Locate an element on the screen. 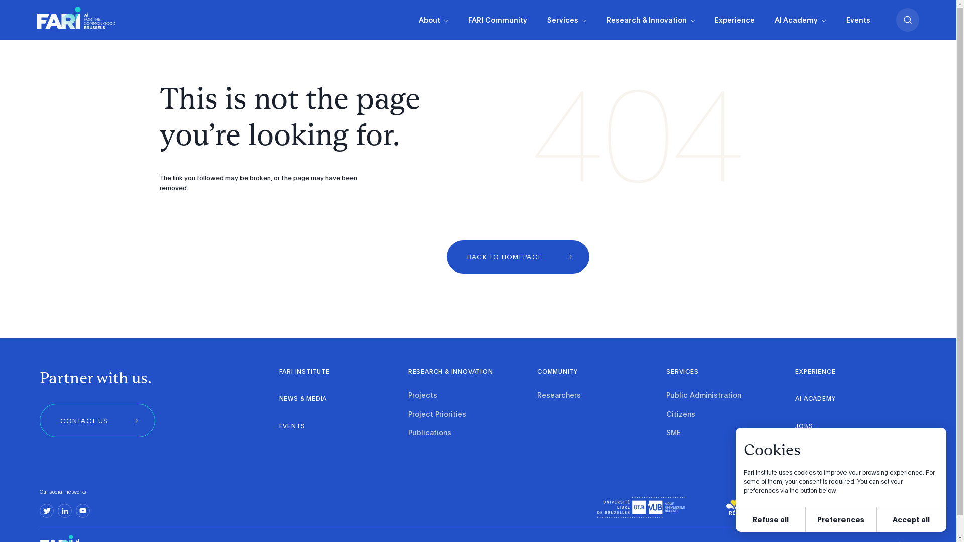 The image size is (964, 542). 'Services' is located at coordinates (566, 20).